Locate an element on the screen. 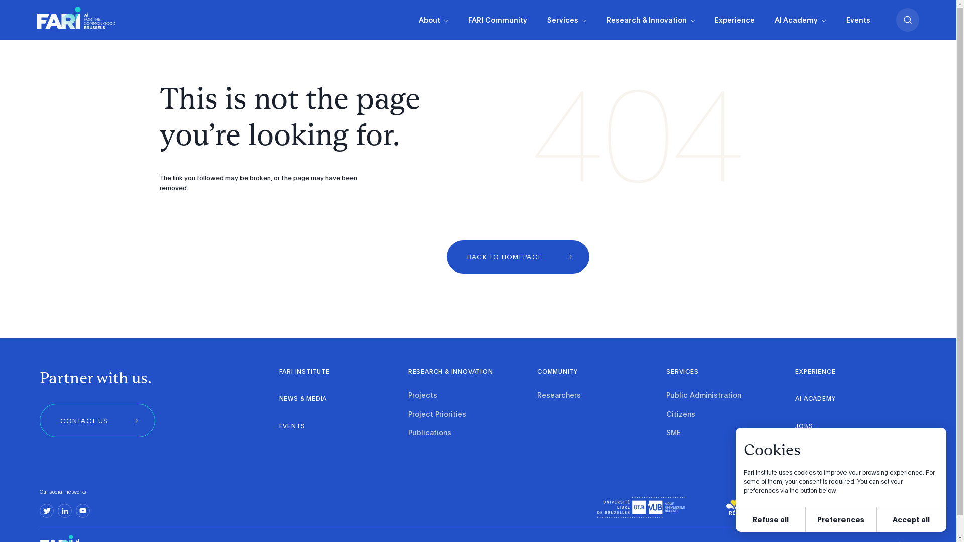 The image size is (964, 542). 'Services' is located at coordinates (566, 20).